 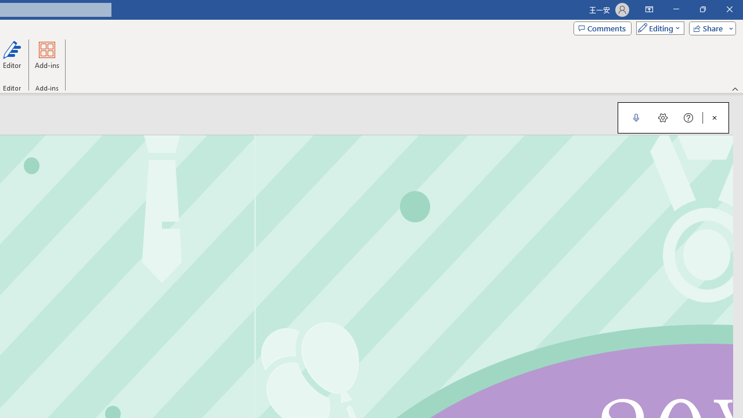 I want to click on 'Dictation Settings', so click(x=663, y=118).